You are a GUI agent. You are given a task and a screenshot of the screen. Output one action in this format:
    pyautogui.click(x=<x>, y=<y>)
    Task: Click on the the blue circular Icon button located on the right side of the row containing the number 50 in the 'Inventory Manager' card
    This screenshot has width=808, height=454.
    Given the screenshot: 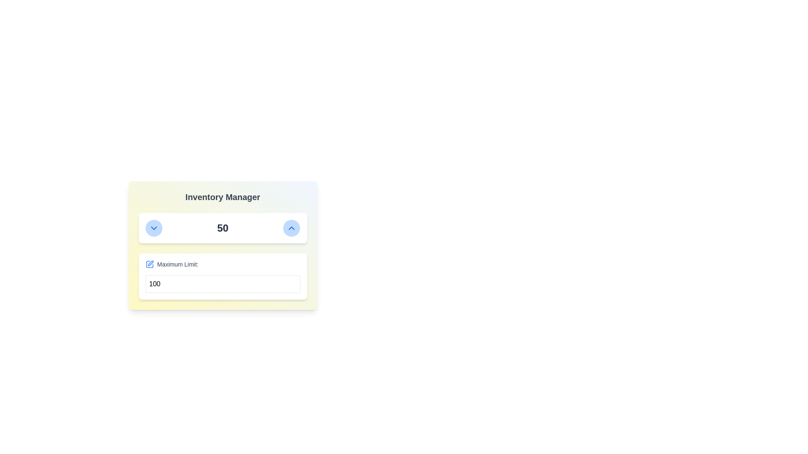 What is the action you would take?
    pyautogui.click(x=154, y=228)
    